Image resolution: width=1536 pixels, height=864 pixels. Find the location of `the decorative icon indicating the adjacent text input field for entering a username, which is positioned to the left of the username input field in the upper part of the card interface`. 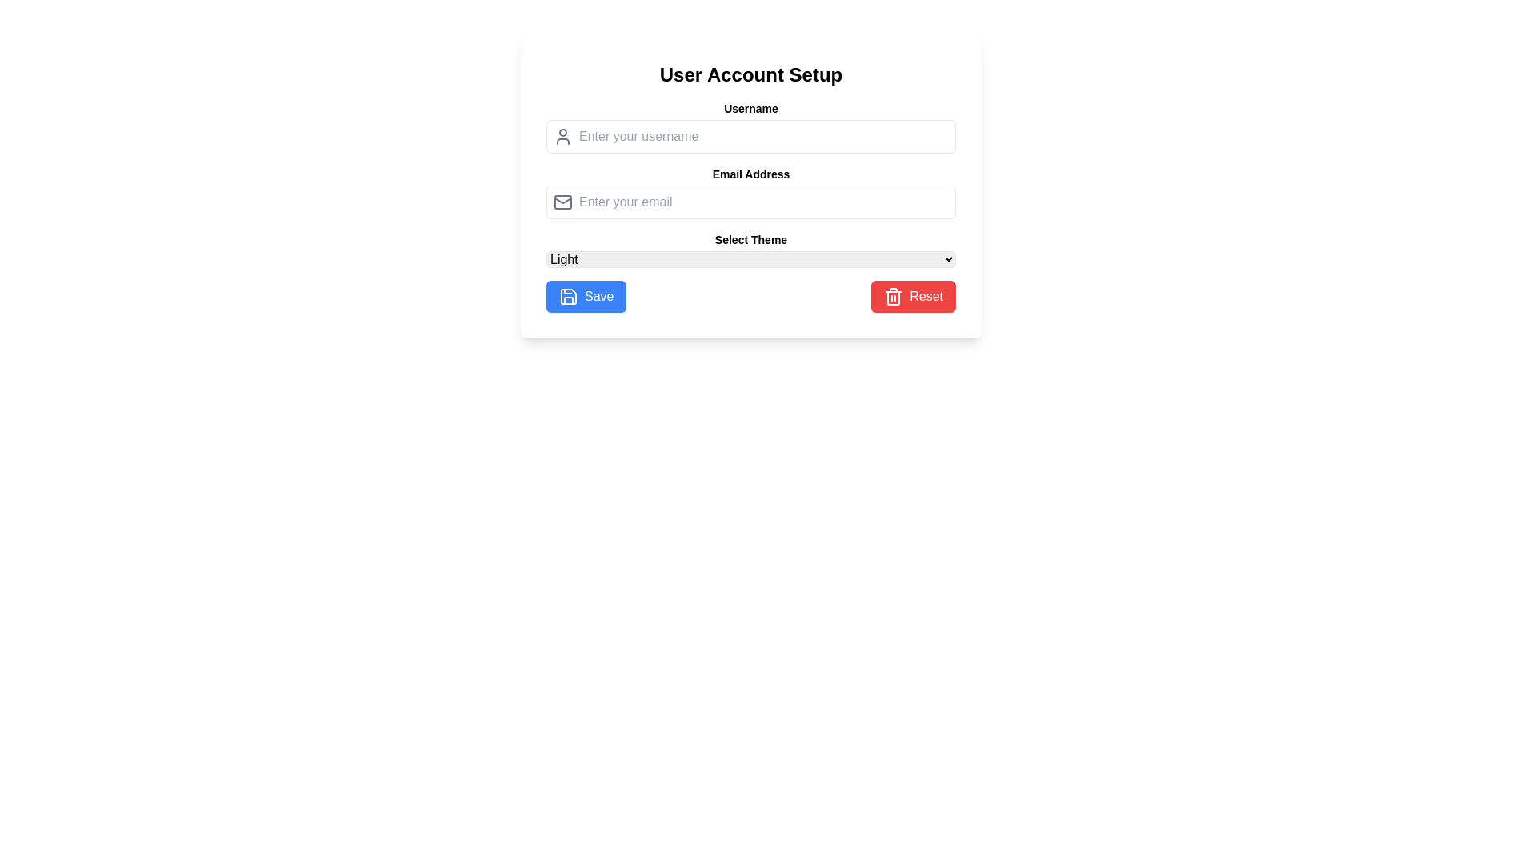

the decorative icon indicating the adjacent text input field for entering a username, which is positioned to the left of the username input field in the upper part of the card interface is located at coordinates (563, 135).